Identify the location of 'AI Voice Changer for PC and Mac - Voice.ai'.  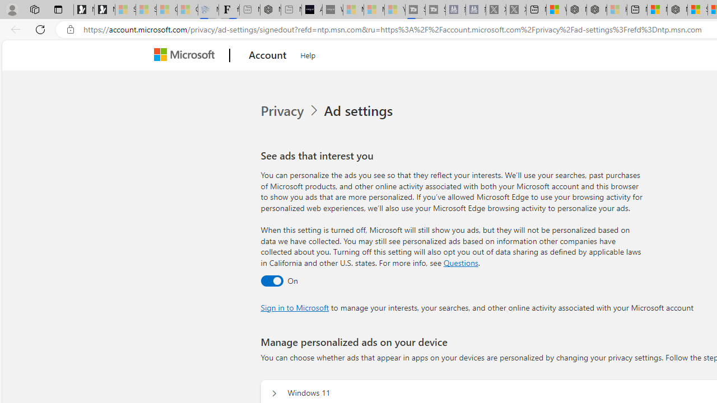
(311, 10).